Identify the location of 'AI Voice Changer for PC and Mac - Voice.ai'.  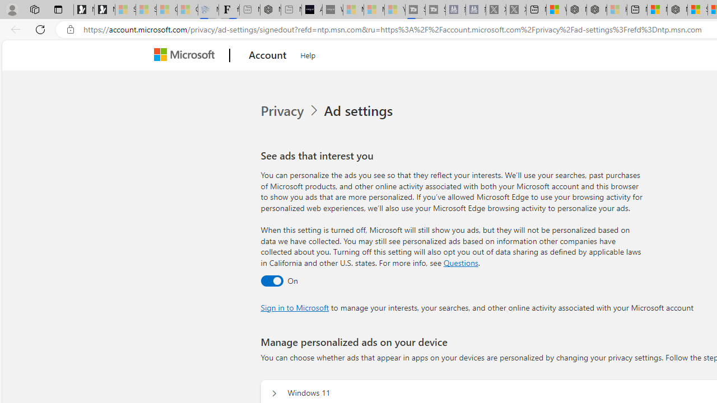
(311, 10).